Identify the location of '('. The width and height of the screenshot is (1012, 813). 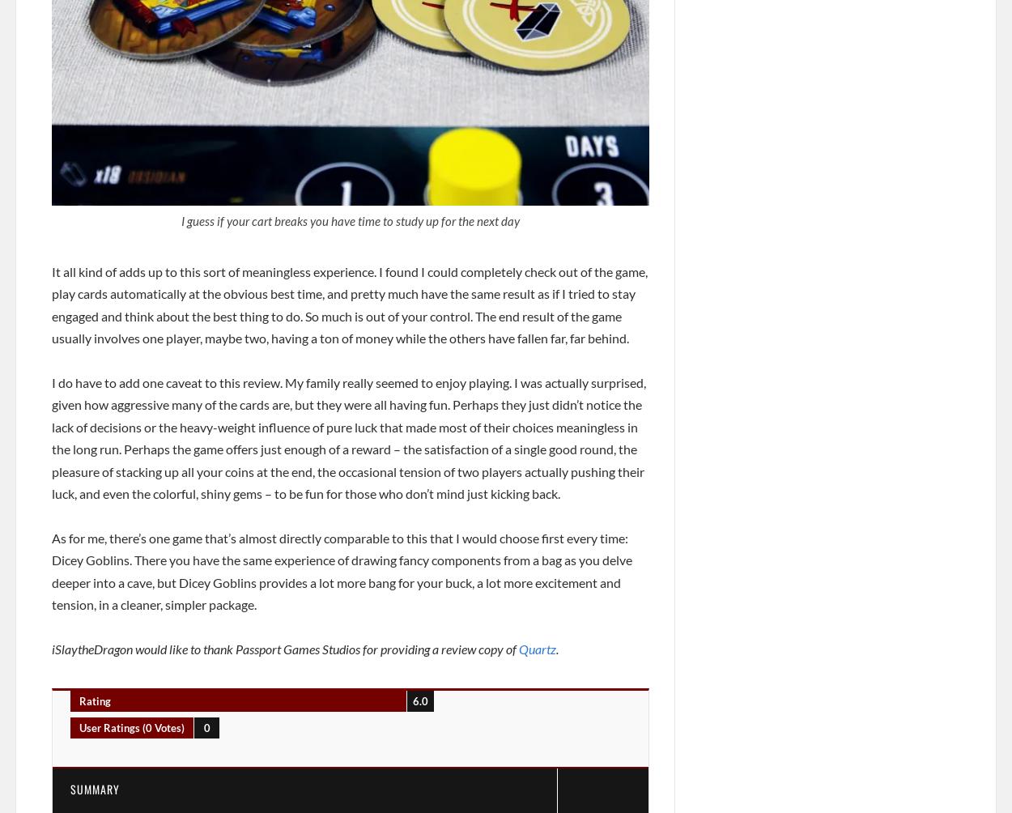
(144, 726).